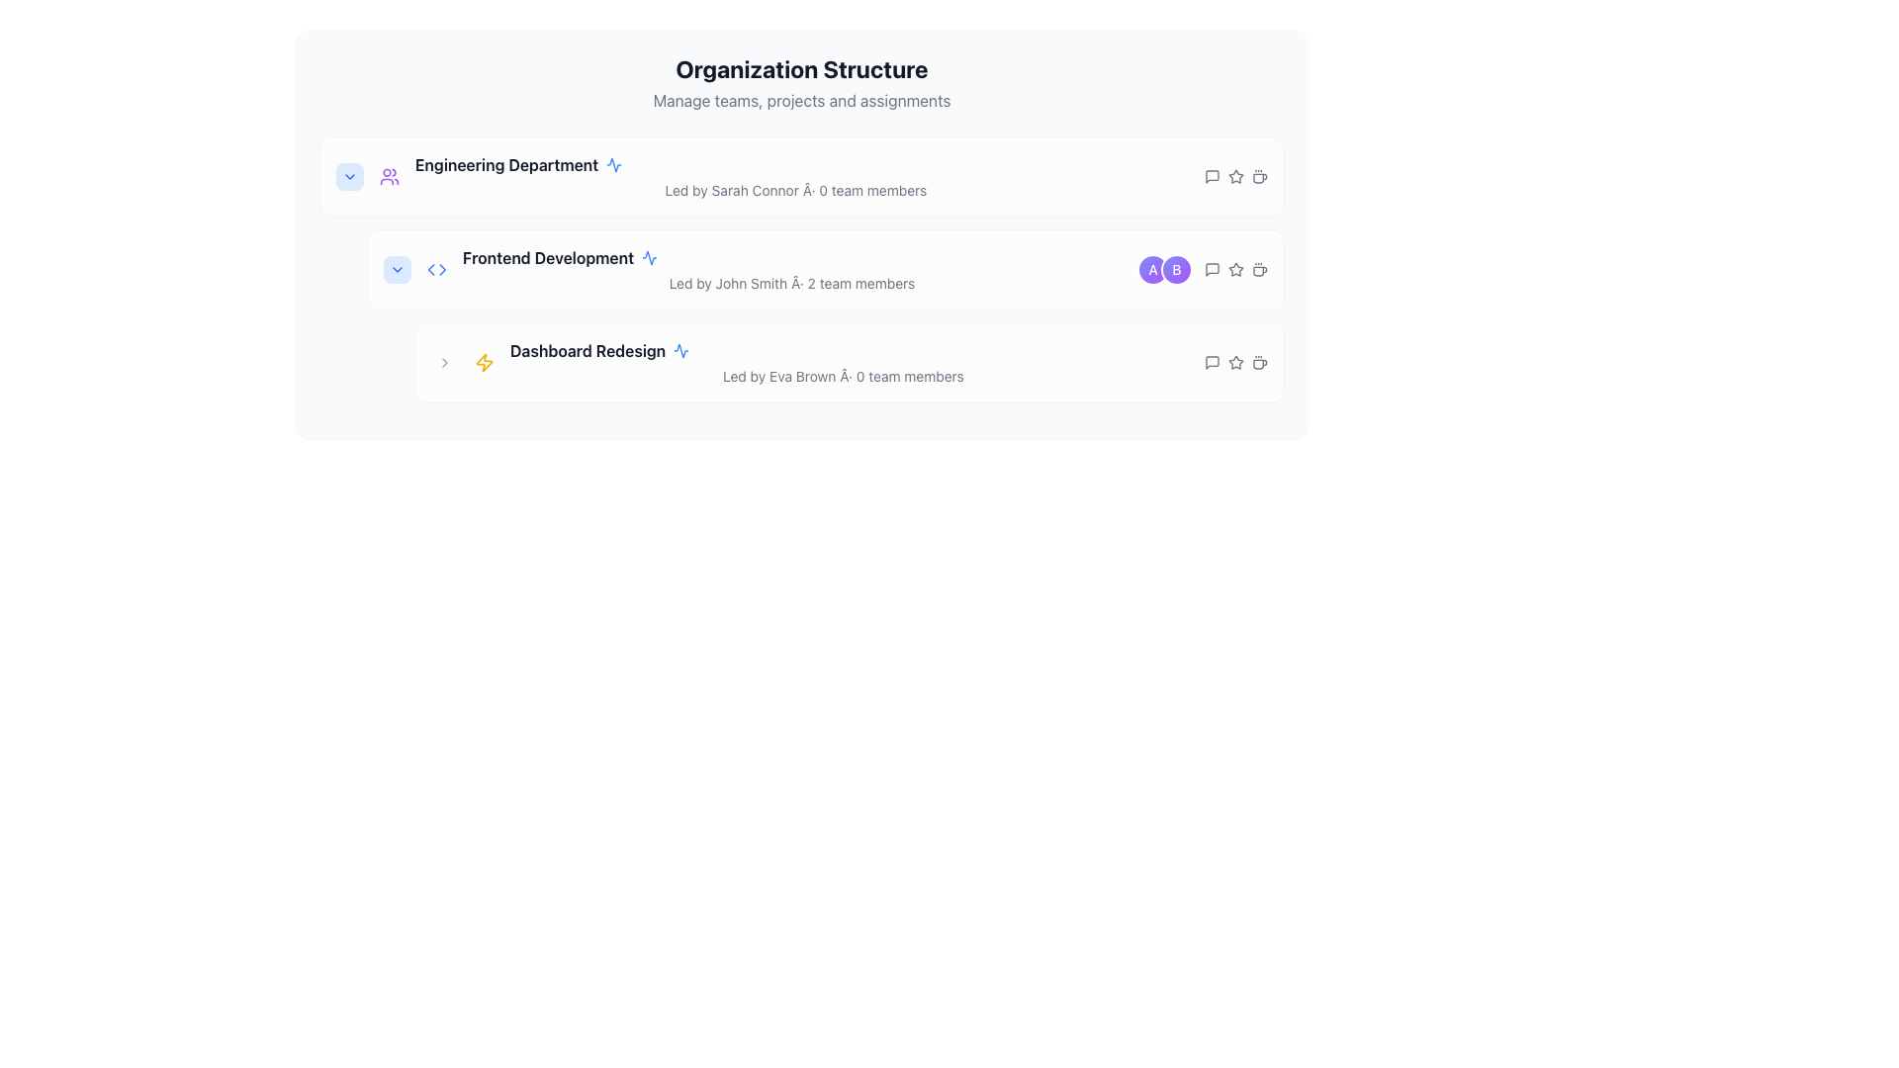 This screenshot has width=1899, height=1068. What do you see at coordinates (397, 270) in the screenshot?
I see `the down-facing chevron icon within the blue circular button in the 'Engineering Department' section` at bounding box center [397, 270].